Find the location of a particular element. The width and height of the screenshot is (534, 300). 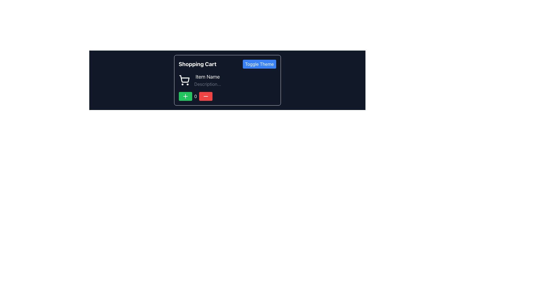

the increment icon located in the center of the green button, which is positioned to the left of the decrement button and the quantity display in the item control group is located at coordinates (185, 96).